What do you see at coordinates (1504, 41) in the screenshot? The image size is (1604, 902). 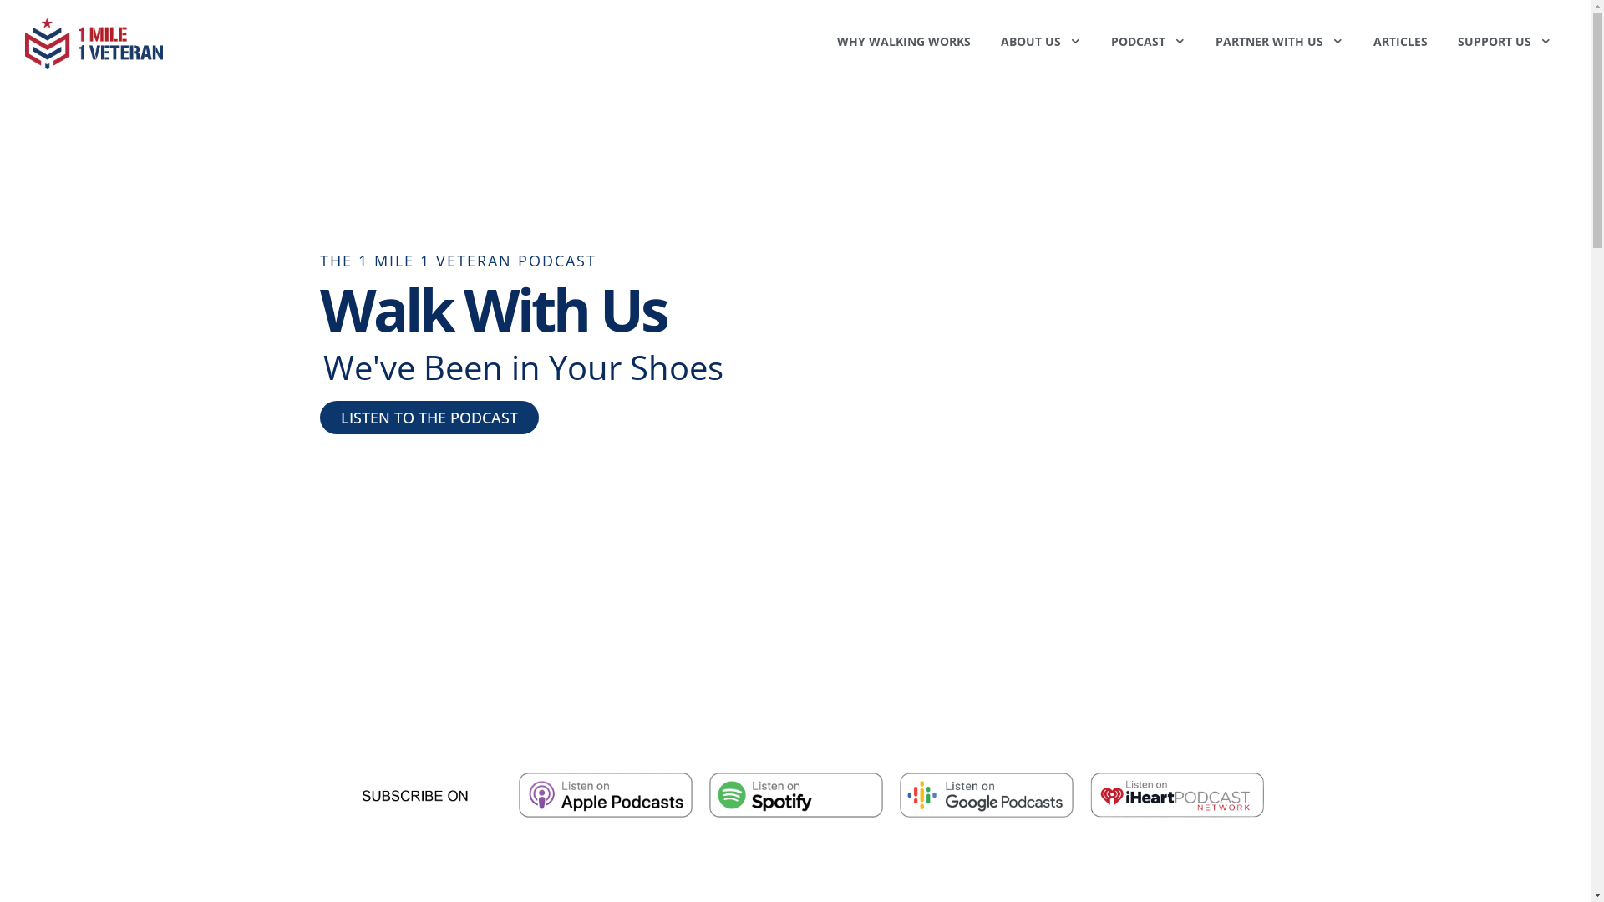 I see `'SUPPORT US'` at bounding box center [1504, 41].